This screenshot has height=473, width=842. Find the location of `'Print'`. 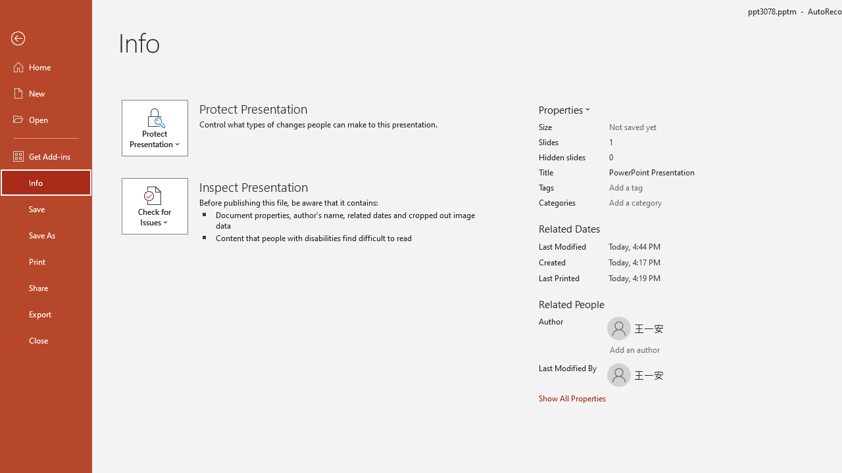

'Print' is located at coordinates (45, 261).